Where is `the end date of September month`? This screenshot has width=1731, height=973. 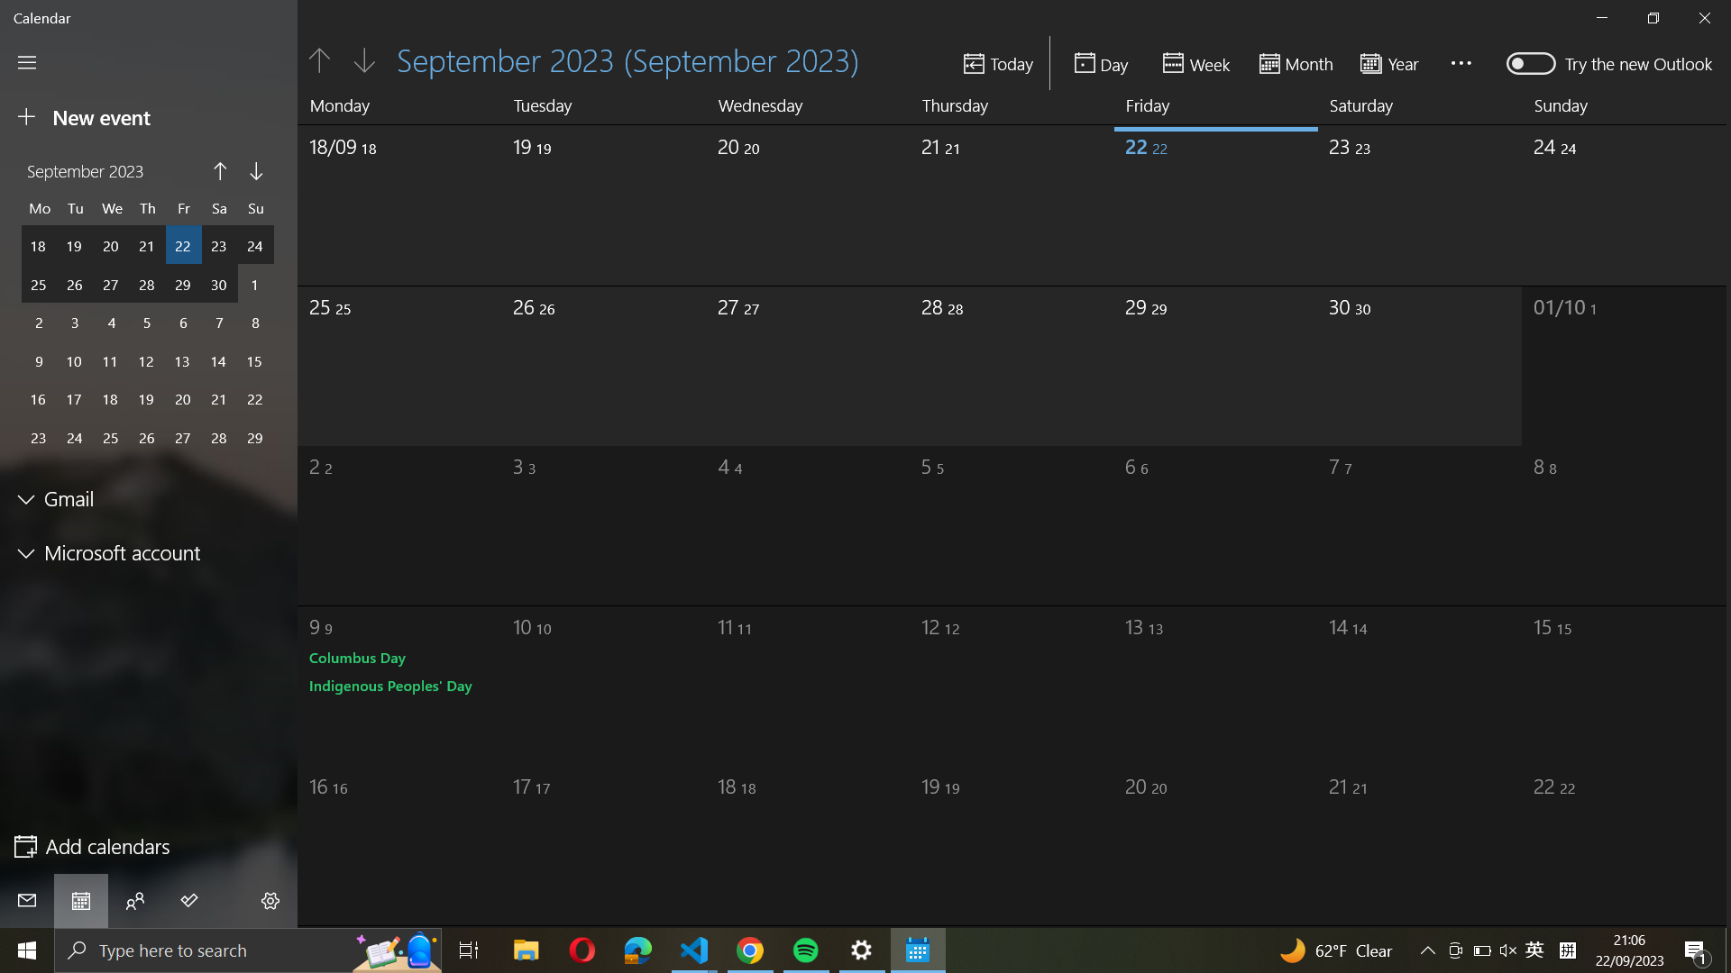 the end date of September month is located at coordinates (1421, 198).